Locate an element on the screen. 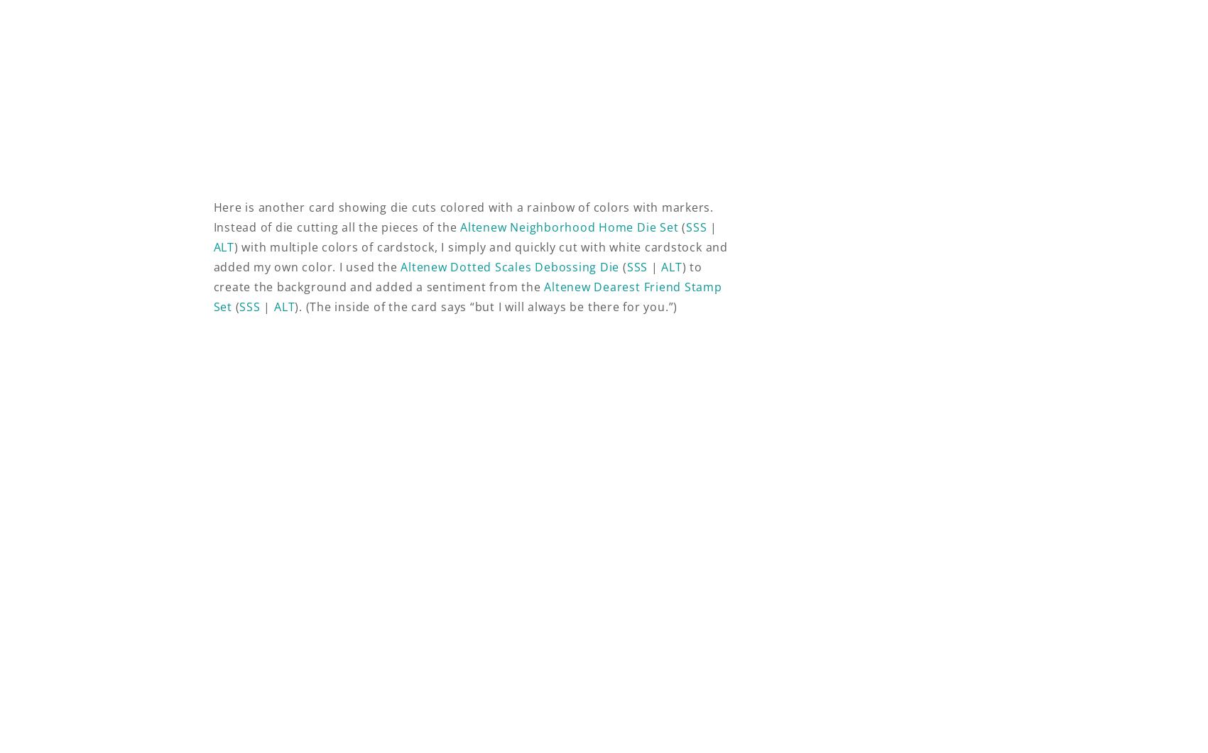  'Altenew Dotted Scales Debossing Die' is located at coordinates (401, 266).